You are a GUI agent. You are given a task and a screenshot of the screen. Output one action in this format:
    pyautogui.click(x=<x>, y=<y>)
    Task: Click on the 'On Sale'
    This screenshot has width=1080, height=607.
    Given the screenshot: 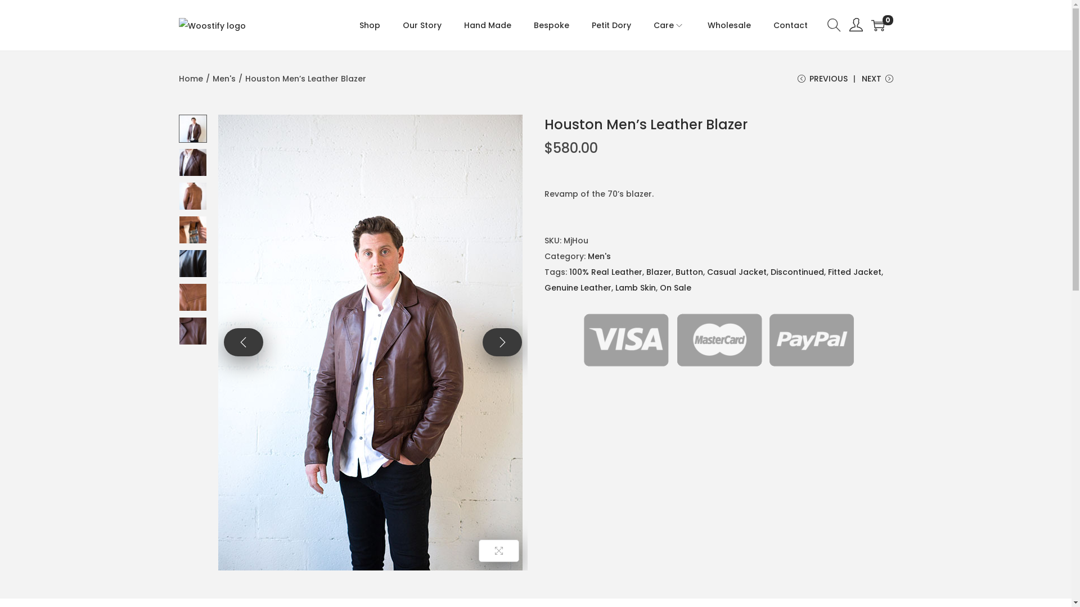 What is the action you would take?
    pyautogui.click(x=675, y=287)
    